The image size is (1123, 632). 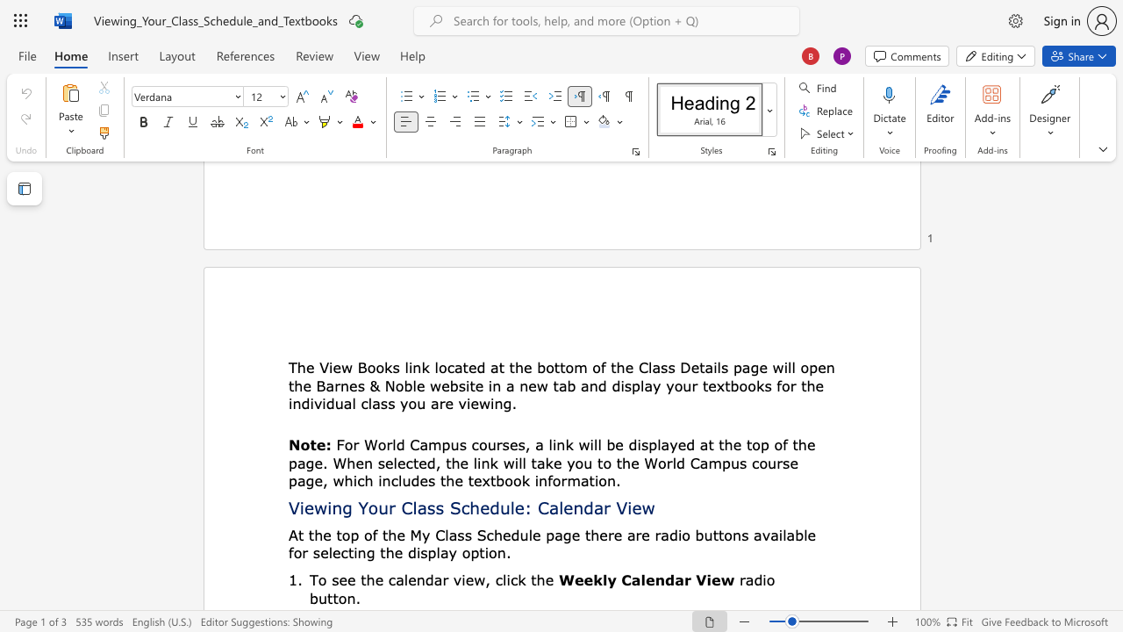 I want to click on the 3th character "t" in the text, so click(x=339, y=534).